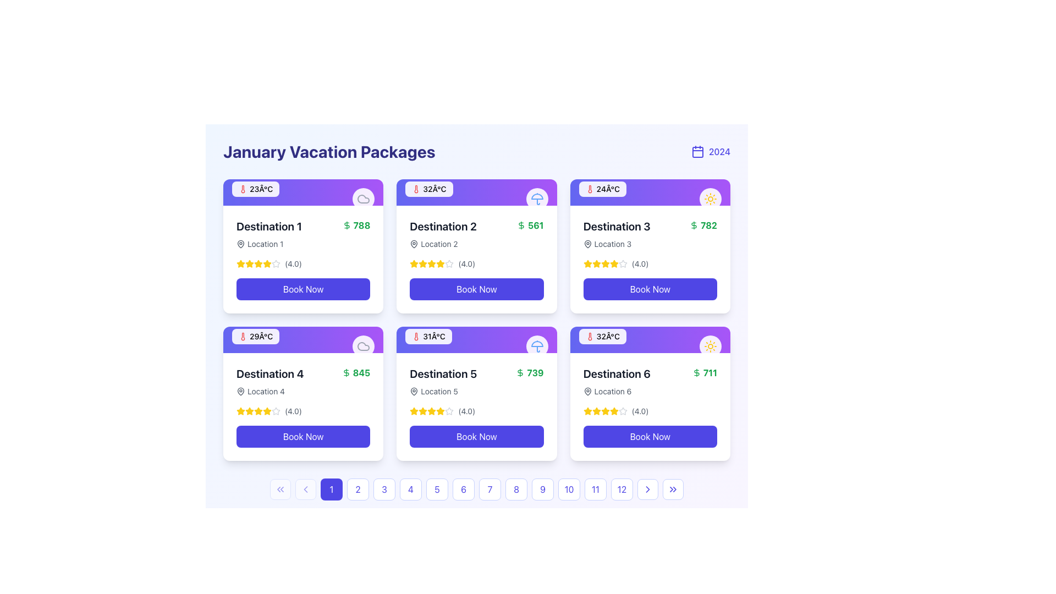 This screenshot has height=594, width=1056. Describe the element at coordinates (613, 411) in the screenshot. I see `the third star icon in the rating system located within the card labeled 'Destination 6'` at that location.